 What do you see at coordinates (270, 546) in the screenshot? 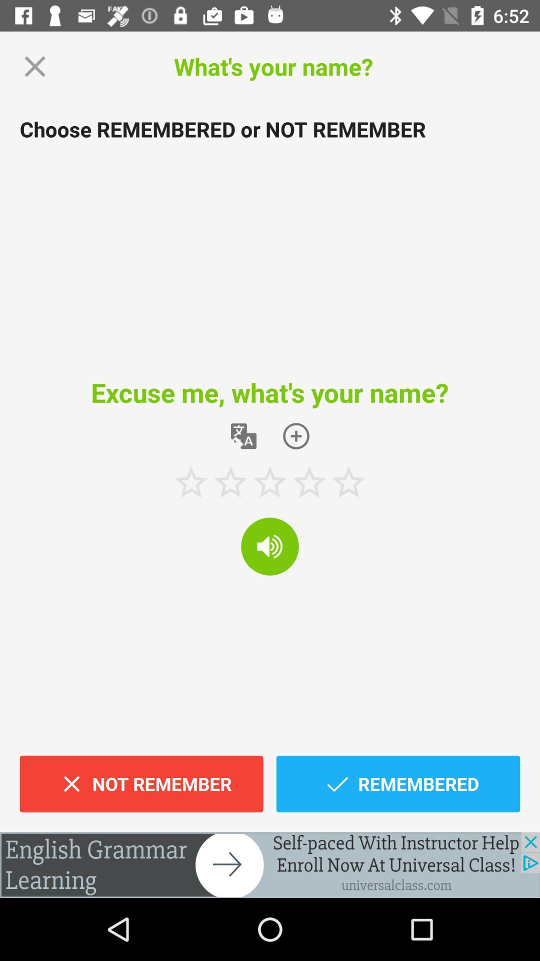
I see `the volume icon` at bounding box center [270, 546].